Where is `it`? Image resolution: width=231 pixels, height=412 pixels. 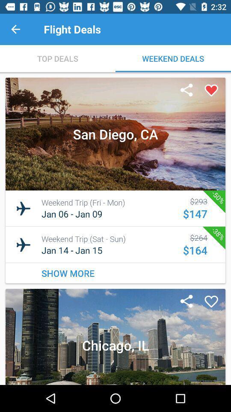 it is located at coordinates (211, 302).